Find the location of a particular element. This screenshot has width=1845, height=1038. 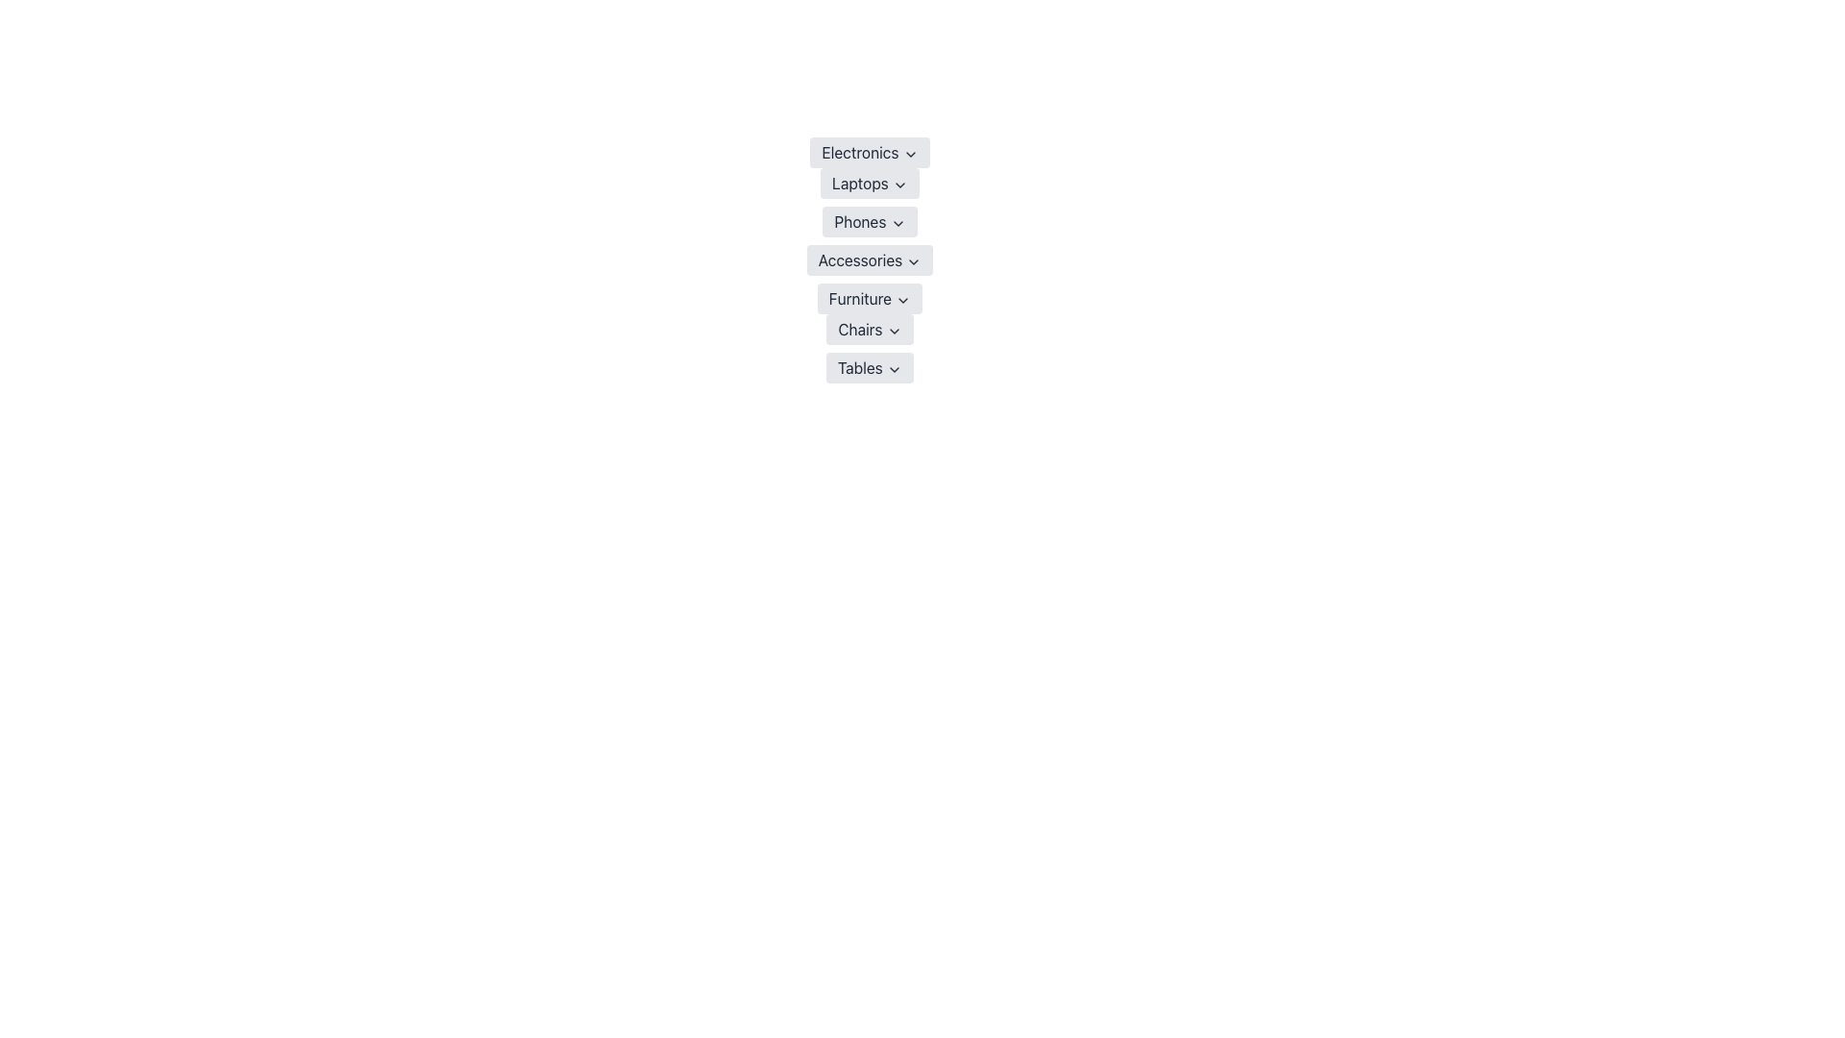

the downward chevron icon in the 'Tables' button group to trigger any tooltip effect that may be present is located at coordinates (894, 369).